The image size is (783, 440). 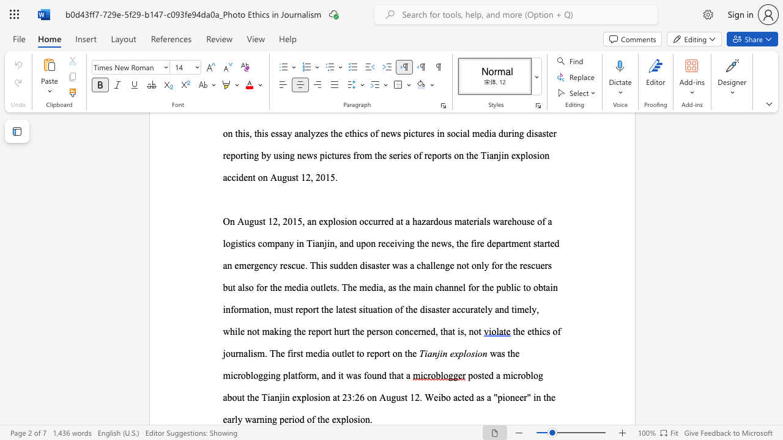 What do you see at coordinates (256, 419) in the screenshot?
I see `the subset text "rning period of the ex" within the text "posted a microblog about the Tianjin explosion at 23:26 on August 12. Weibo acted as a"` at bounding box center [256, 419].